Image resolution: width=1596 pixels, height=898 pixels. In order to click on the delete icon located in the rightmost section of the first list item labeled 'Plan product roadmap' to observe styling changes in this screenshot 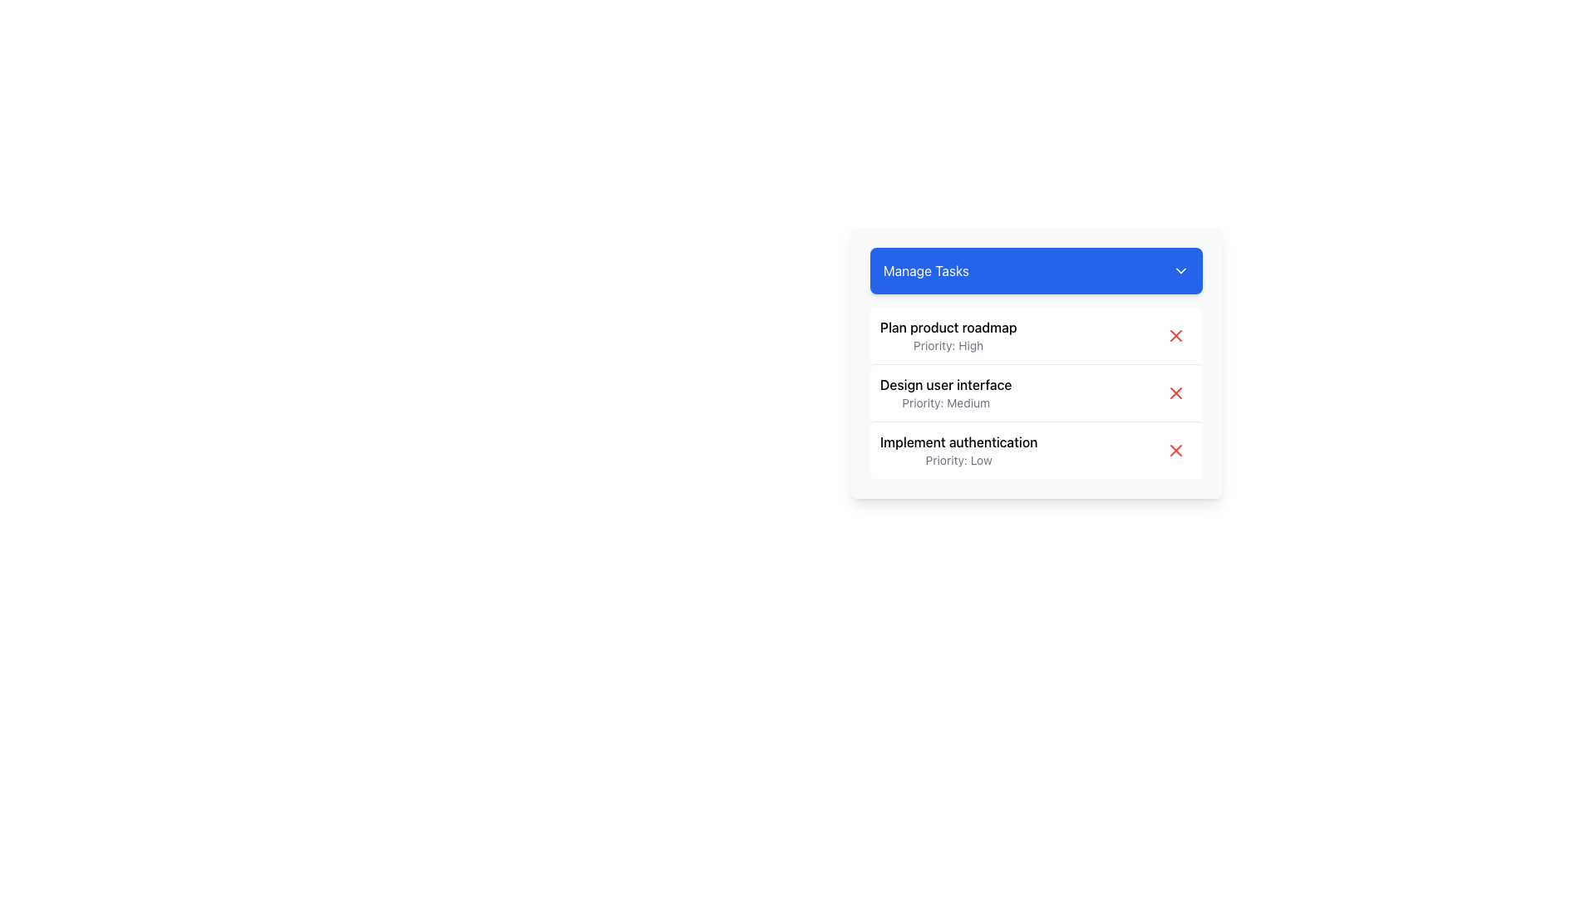, I will do `click(1175, 336)`.